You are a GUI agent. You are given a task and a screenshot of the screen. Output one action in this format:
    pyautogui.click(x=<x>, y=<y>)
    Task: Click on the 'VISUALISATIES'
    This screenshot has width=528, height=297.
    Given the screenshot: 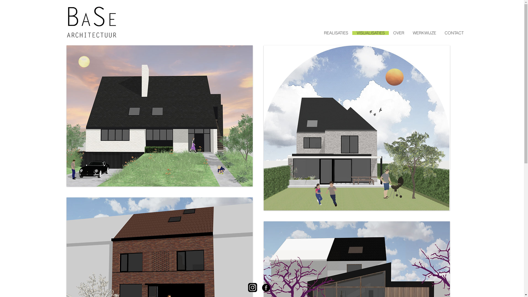 What is the action you would take?
    pyautogui.click(x=370, y=33)
    